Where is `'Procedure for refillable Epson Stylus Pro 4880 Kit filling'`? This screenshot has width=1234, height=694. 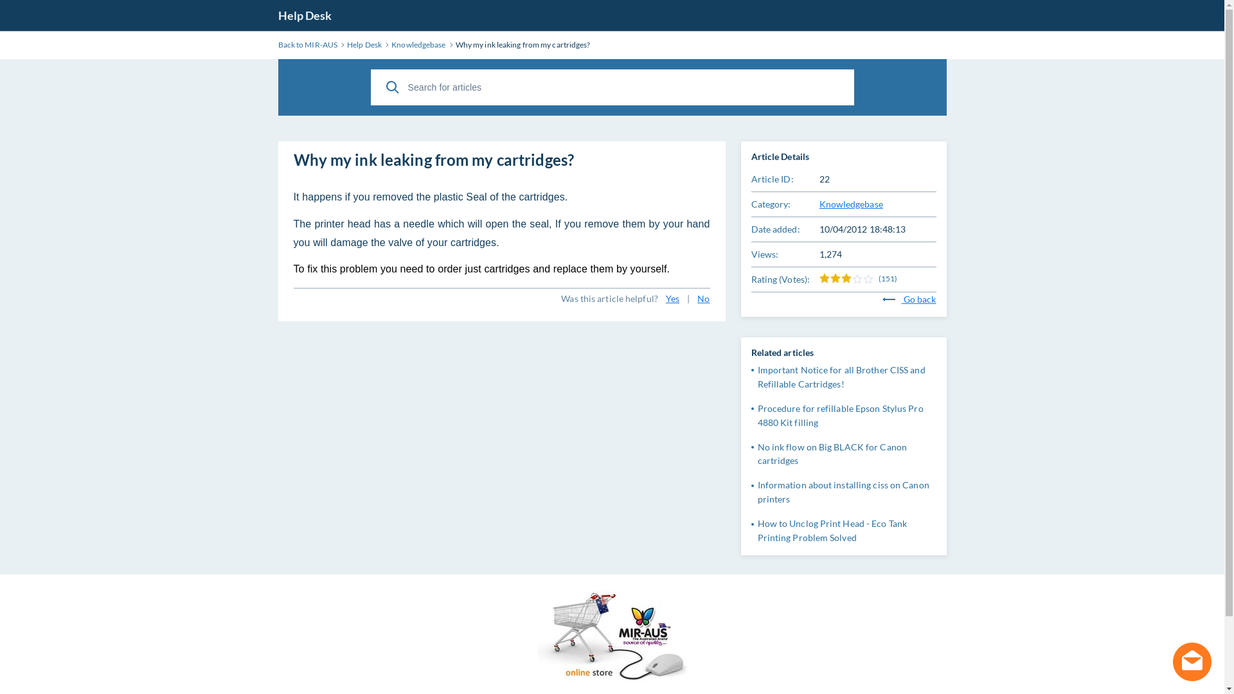
'Procedure for refillable Epson Stylus Pro 4880 Kit filling' is located at coordinates (839, 415).